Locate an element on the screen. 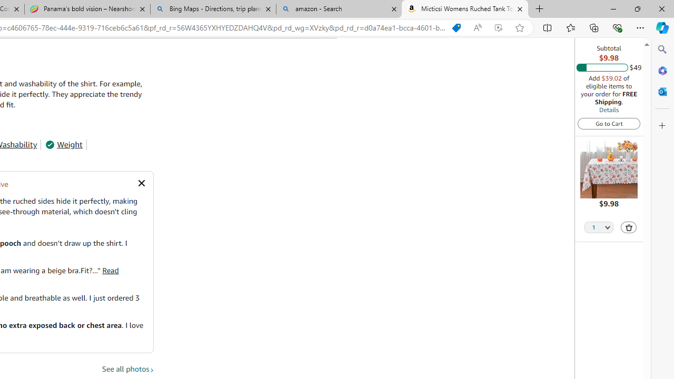  'amazon - Search' is located at coordinates (339, 9).